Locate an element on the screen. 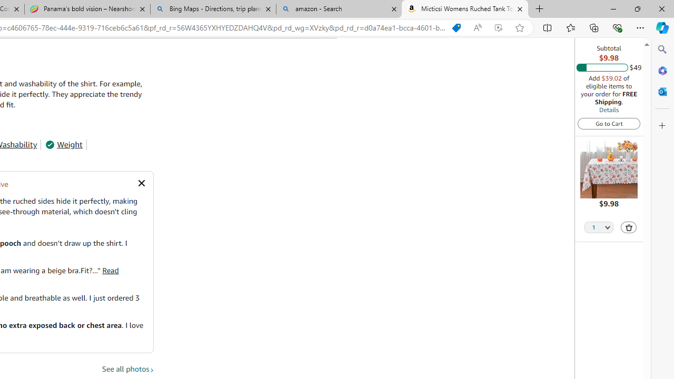  'amazon - Search' is located at coordinates (339, 9).